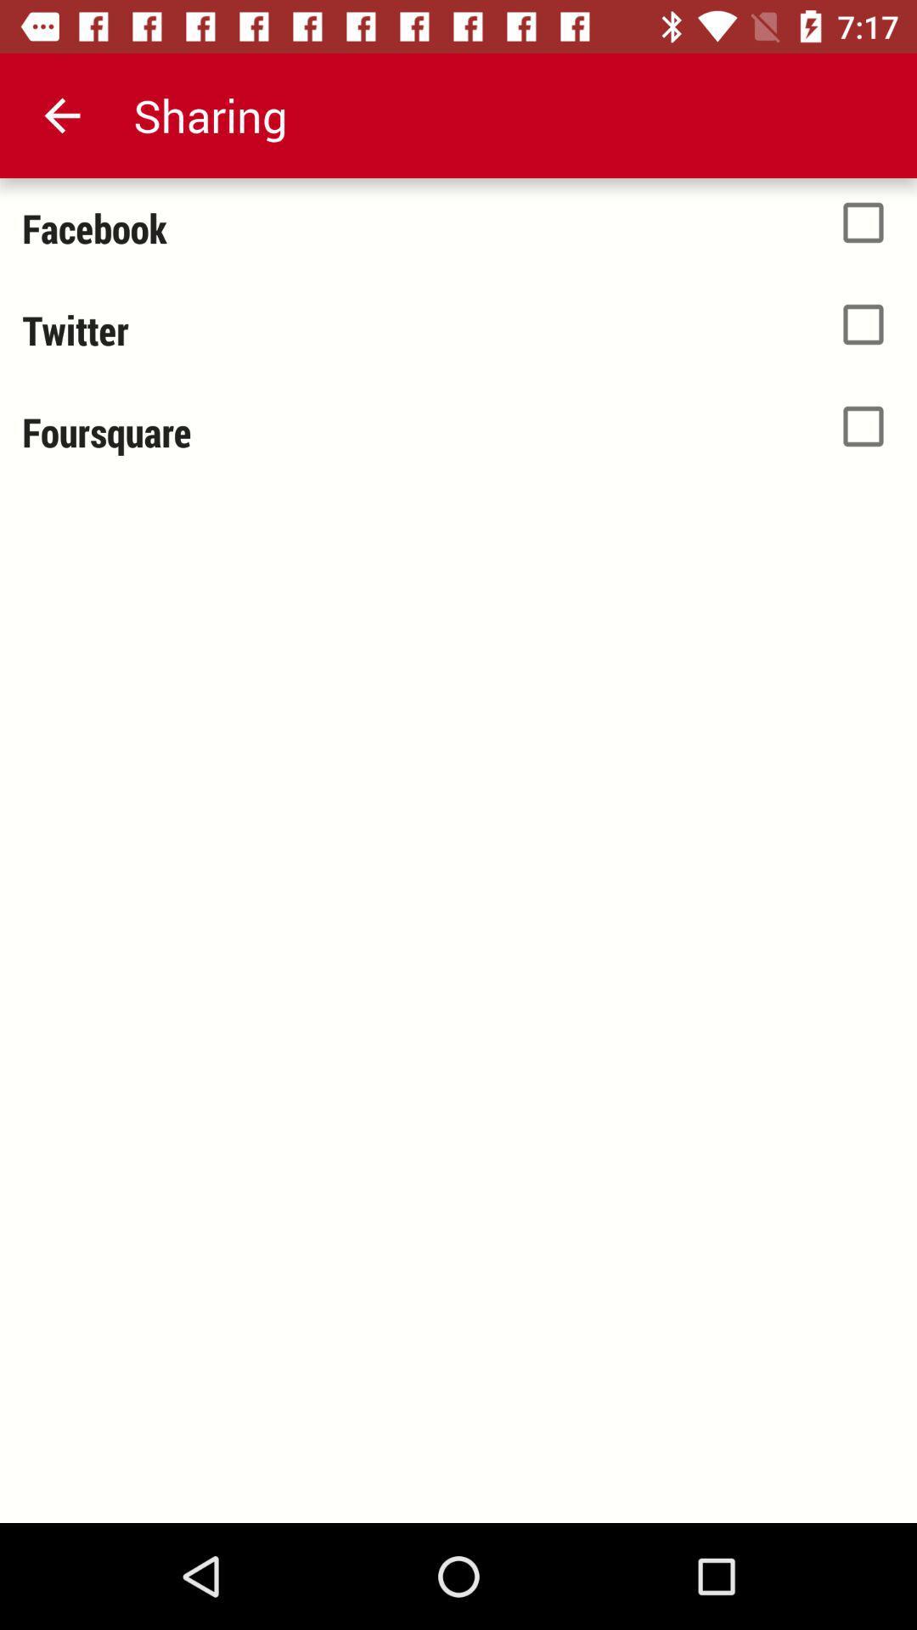 The width and height of the screenshot is (917, 1630). Describe the element at coordinates (61, 115) in the screenshot. I see `the icon above facebook` at that location.